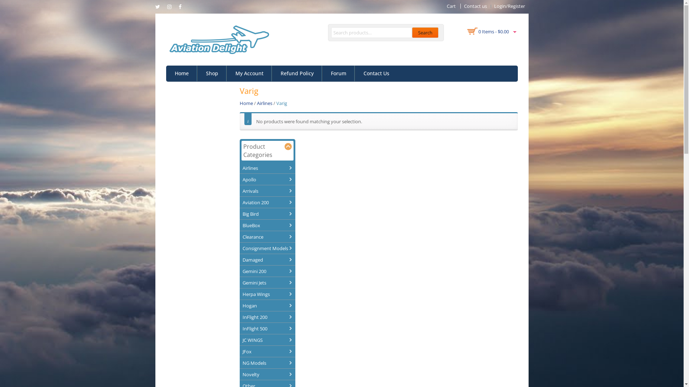  What do you see at coordinates (239, 214) in the screenshot?
I see `'Big Bird'` at bounding box center [239, 214].